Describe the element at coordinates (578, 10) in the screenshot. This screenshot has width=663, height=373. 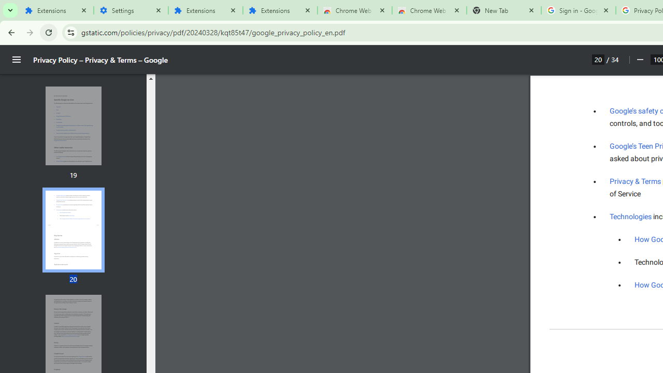
I see `'Sign in - Google Accounts'` at that location.